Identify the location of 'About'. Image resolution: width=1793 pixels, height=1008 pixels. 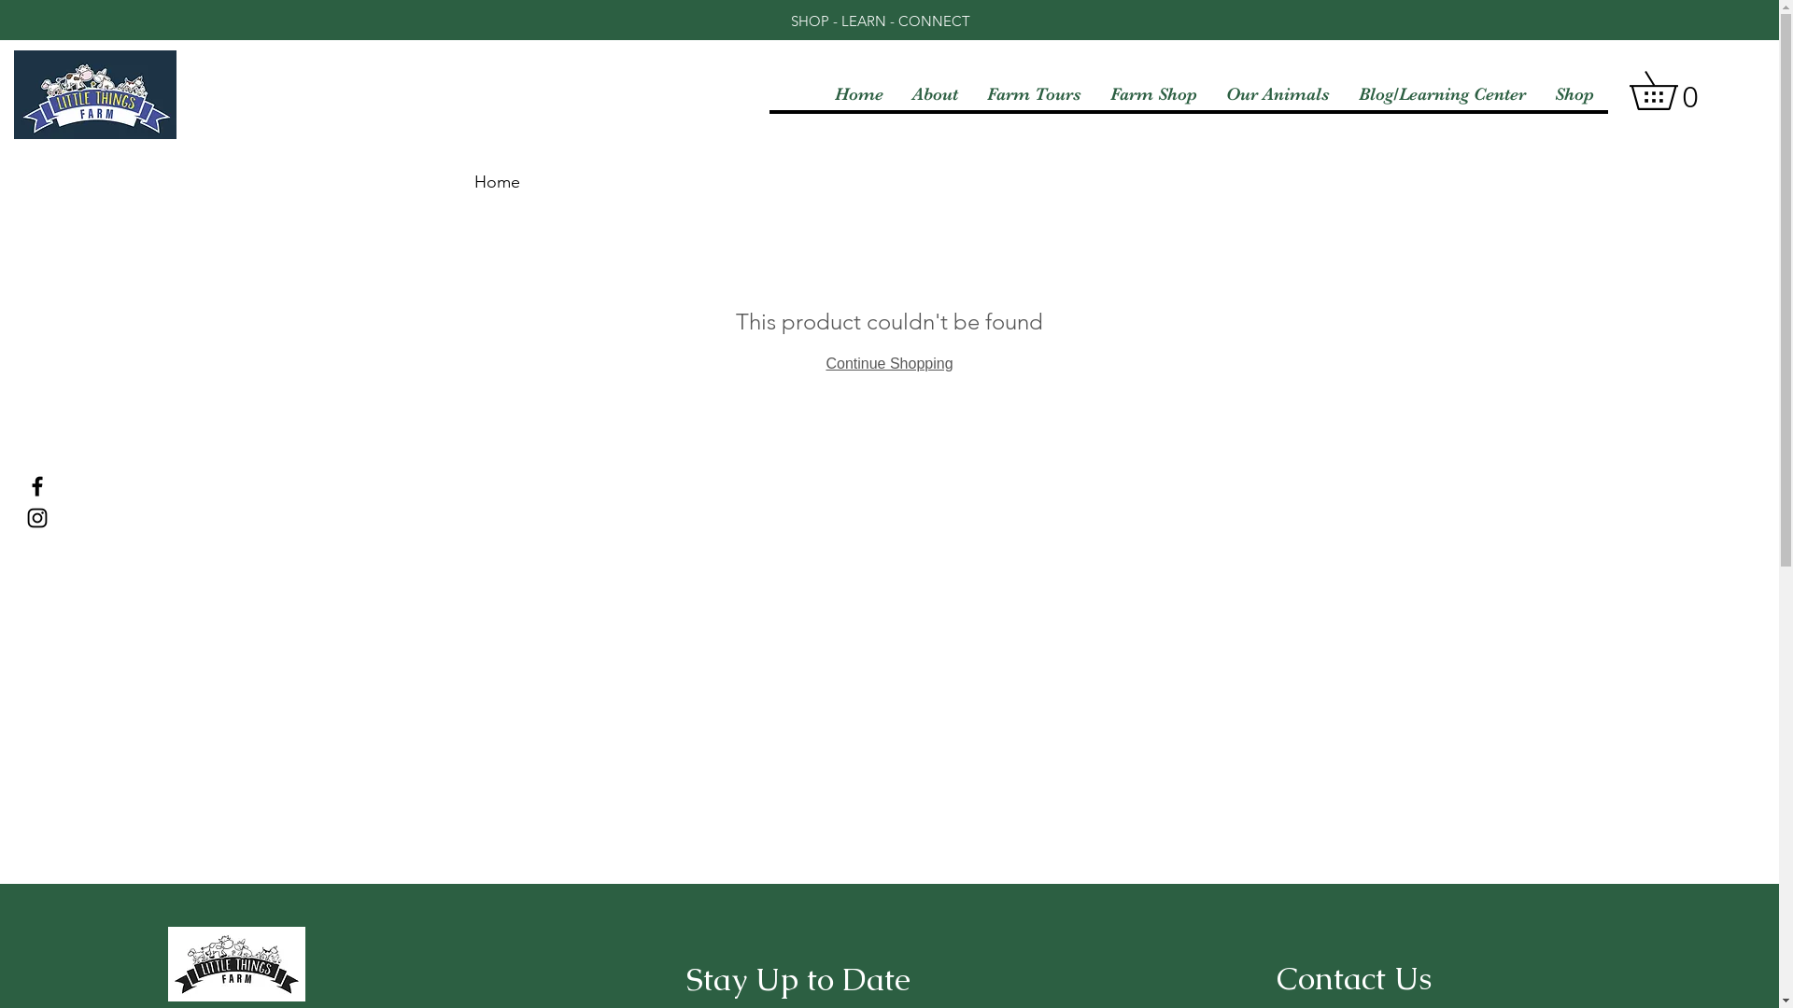
(935, 93).